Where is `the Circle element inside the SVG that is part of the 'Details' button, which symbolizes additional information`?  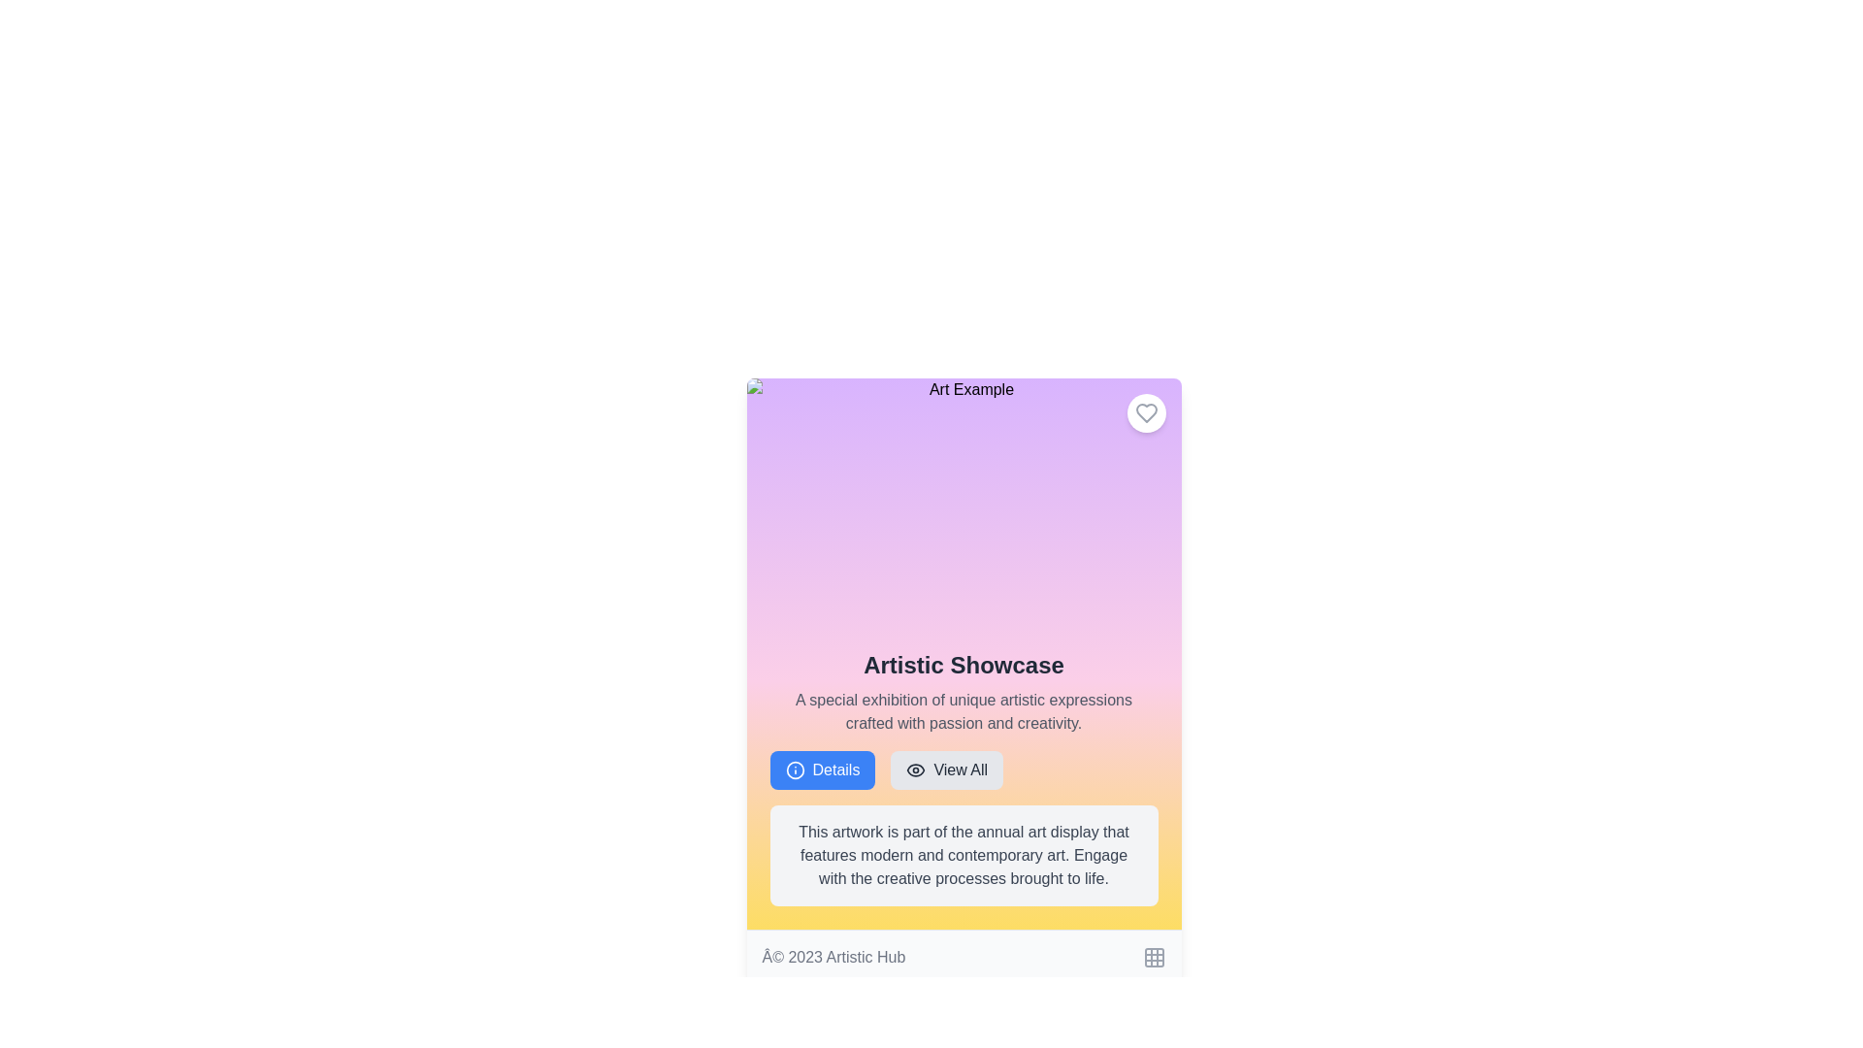
the Circle element inside the SVG that is part of the 'Details' button, which symbolizes additional information is located at coordinates (795, 770).